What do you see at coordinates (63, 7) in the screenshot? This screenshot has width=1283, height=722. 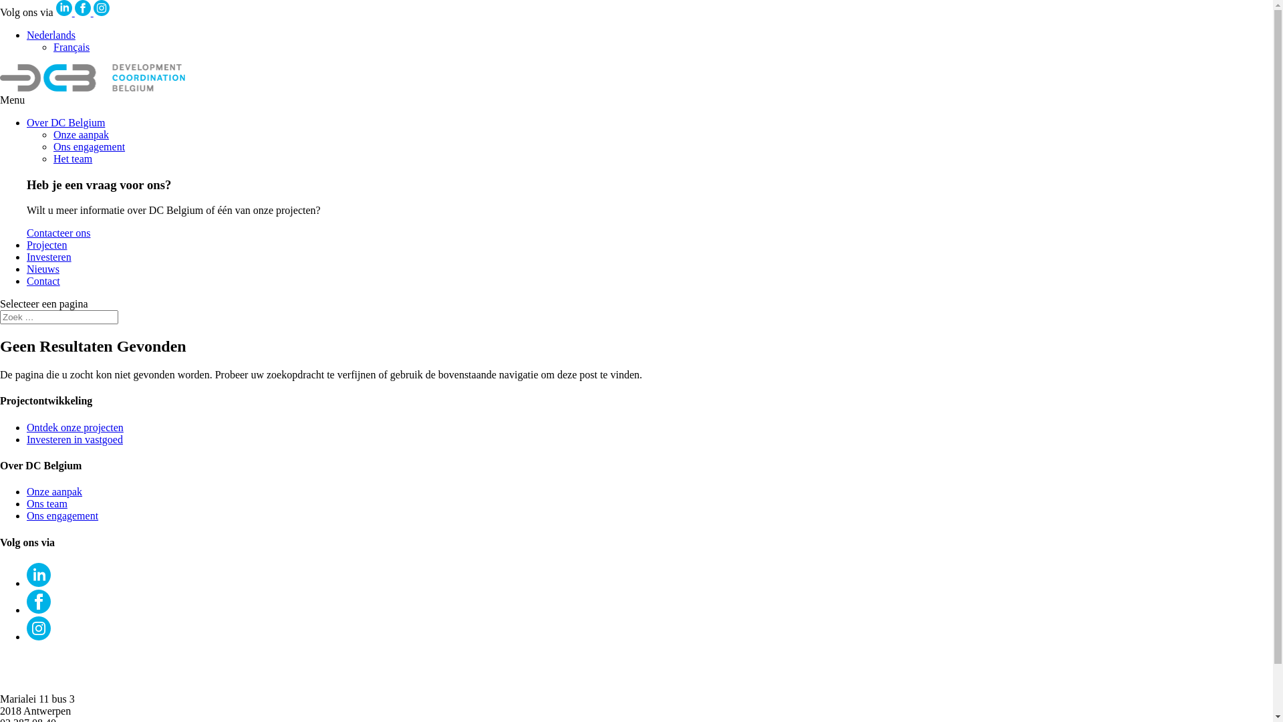 I see `'LinkedIn'` at bounding box center [63, 7].